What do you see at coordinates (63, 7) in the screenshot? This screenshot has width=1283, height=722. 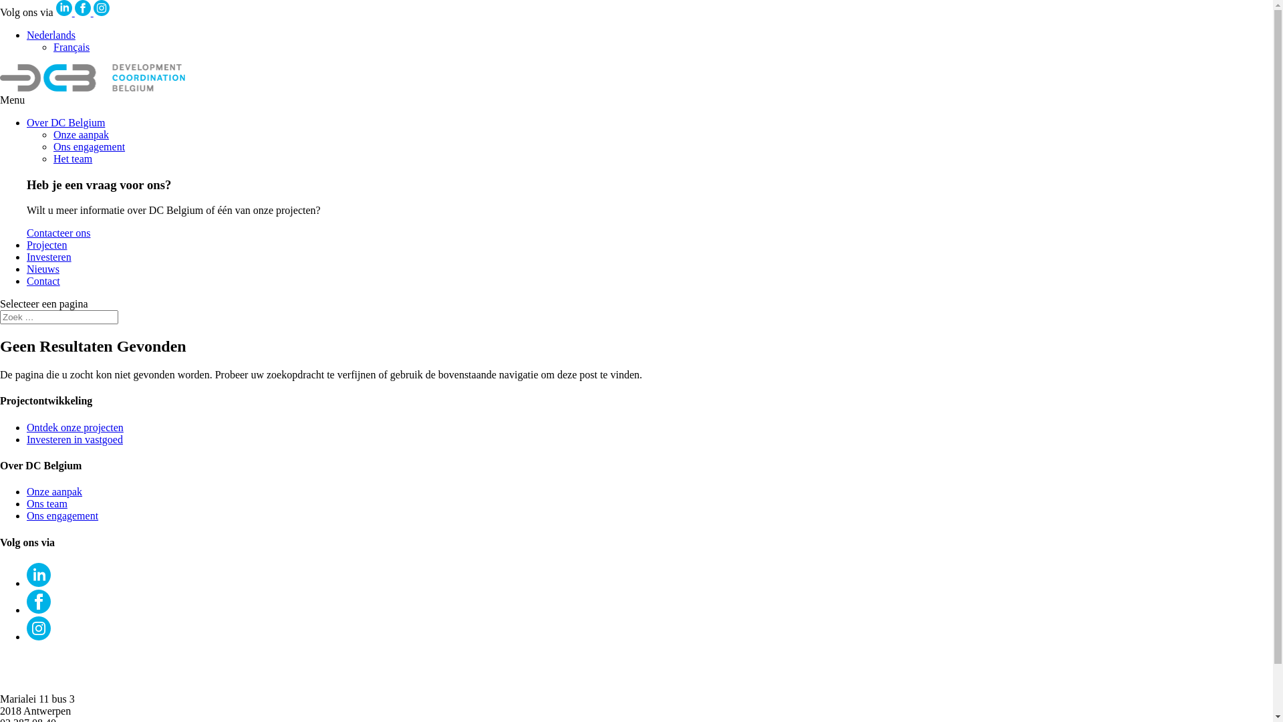 I see `'LinkedIn'` at bounding box center [63, 7].